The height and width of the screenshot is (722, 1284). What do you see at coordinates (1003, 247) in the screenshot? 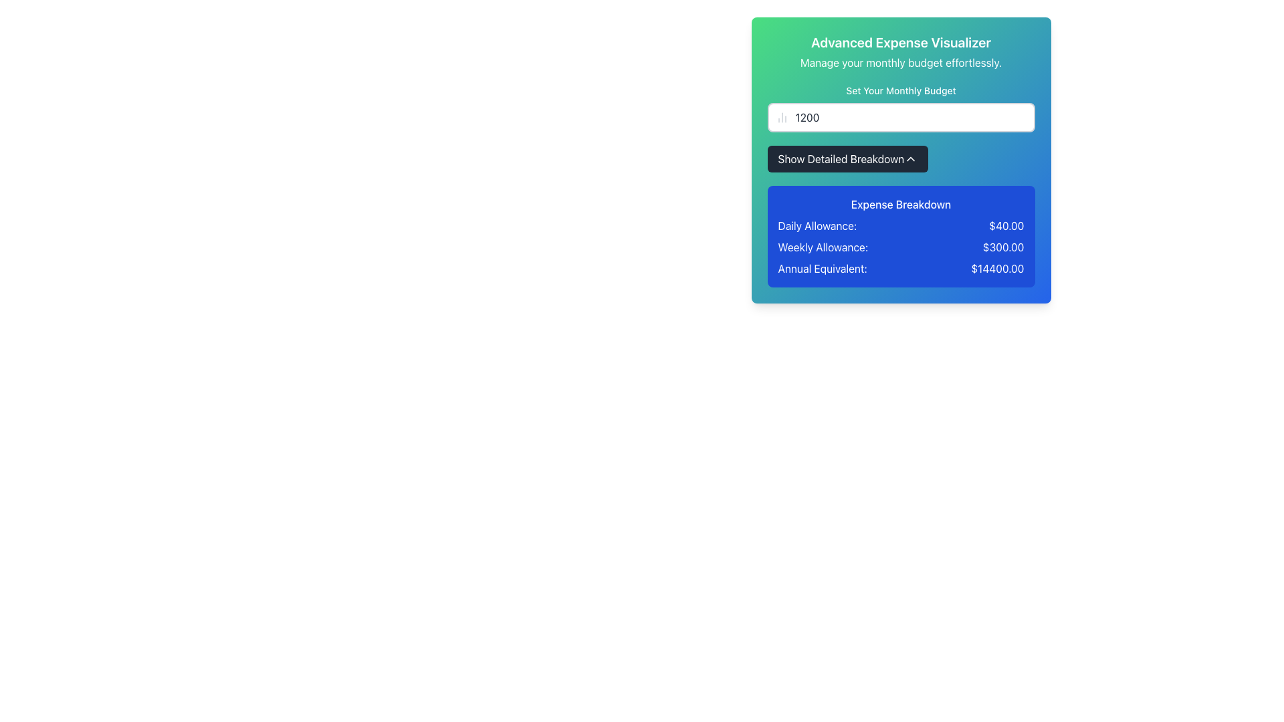
I see `the Label/Text field displaying '$300.00' in white font on a blue background, which is part of the expense breakdown section and aligned to the right of the 'Weekly Allowance:' label` at bounding box center [1003, 247].